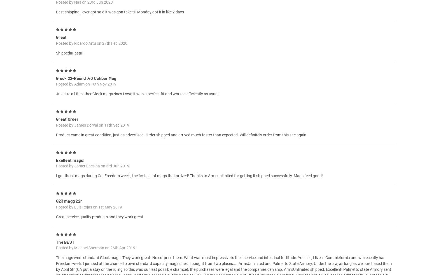 This screenshot has height=275, width=448. What do you see at coordinates (95, 254) in the screenshot?
I see `'Posted by Michael Sherman on 26th Apr 2019'` at bounding box center [95, 254].